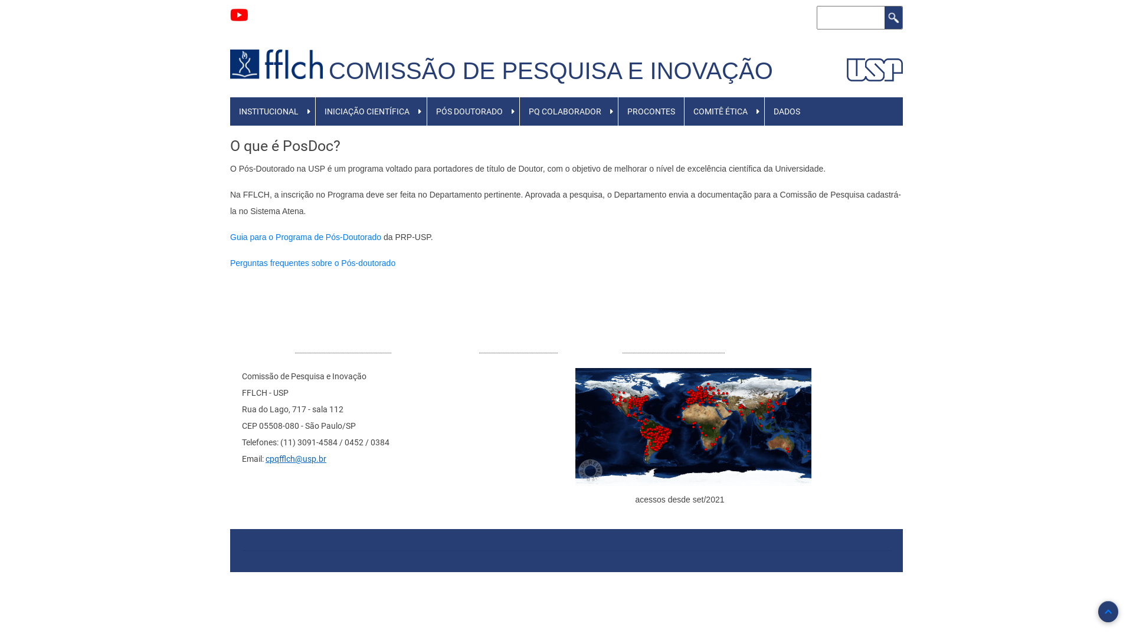 This screenshot has width=1133, height=637. I want to click on 'DADOS', so click(787, 111).